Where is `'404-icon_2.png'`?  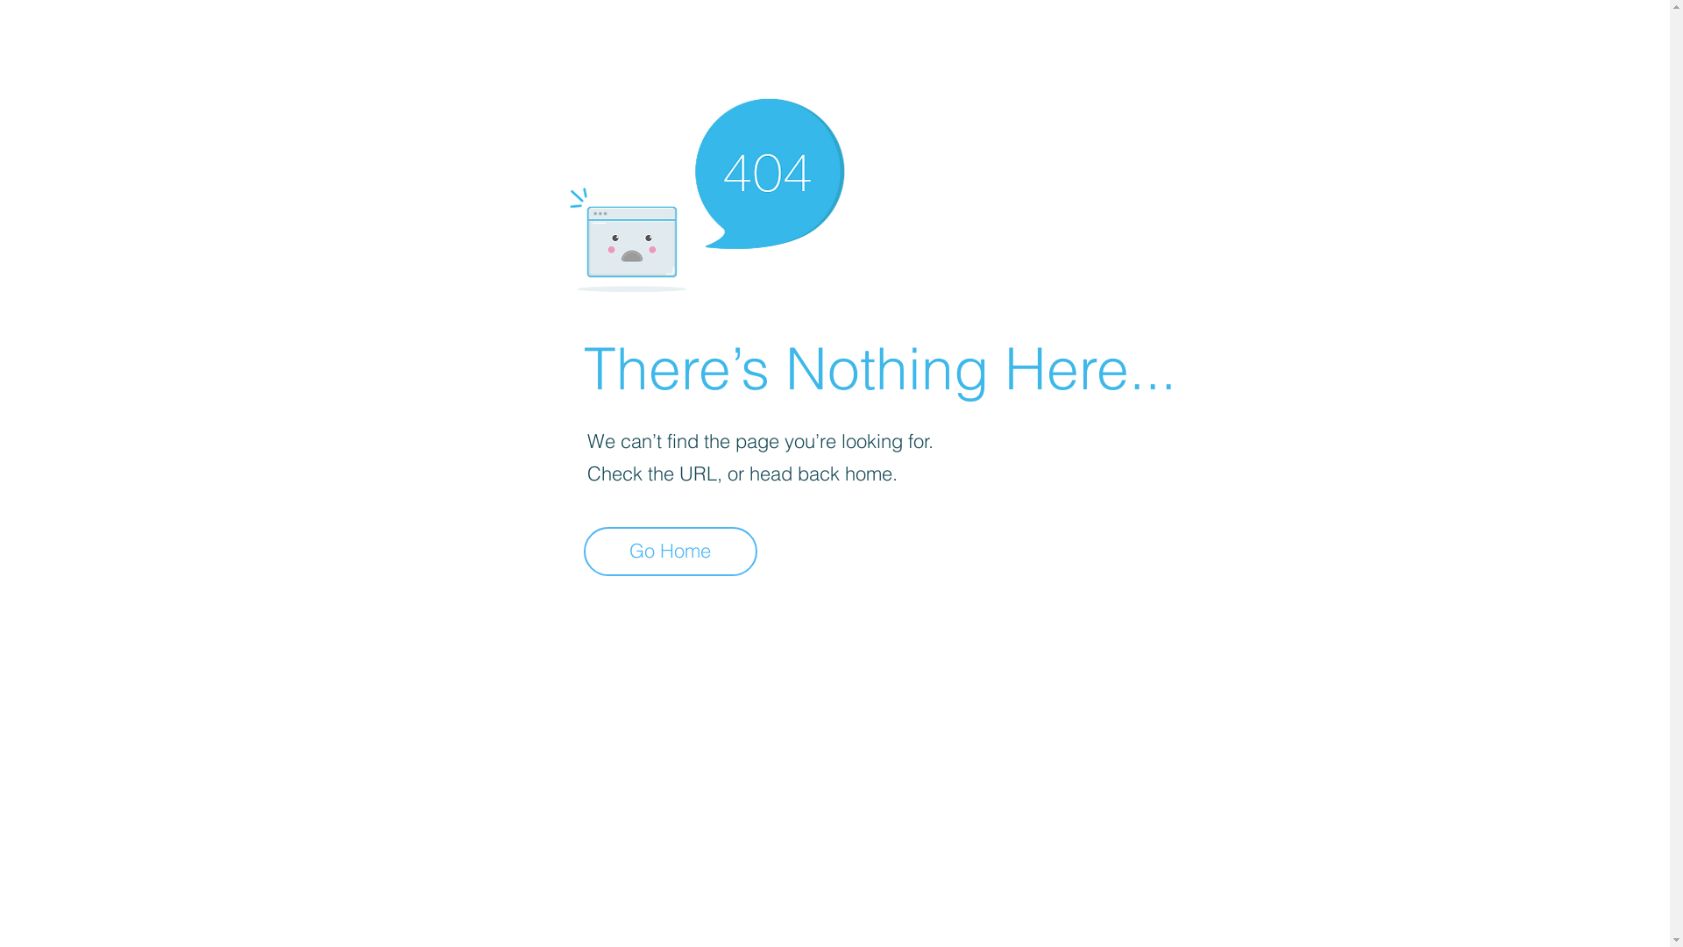
'404-icon_2.png' is located at coordinates (706, 190).